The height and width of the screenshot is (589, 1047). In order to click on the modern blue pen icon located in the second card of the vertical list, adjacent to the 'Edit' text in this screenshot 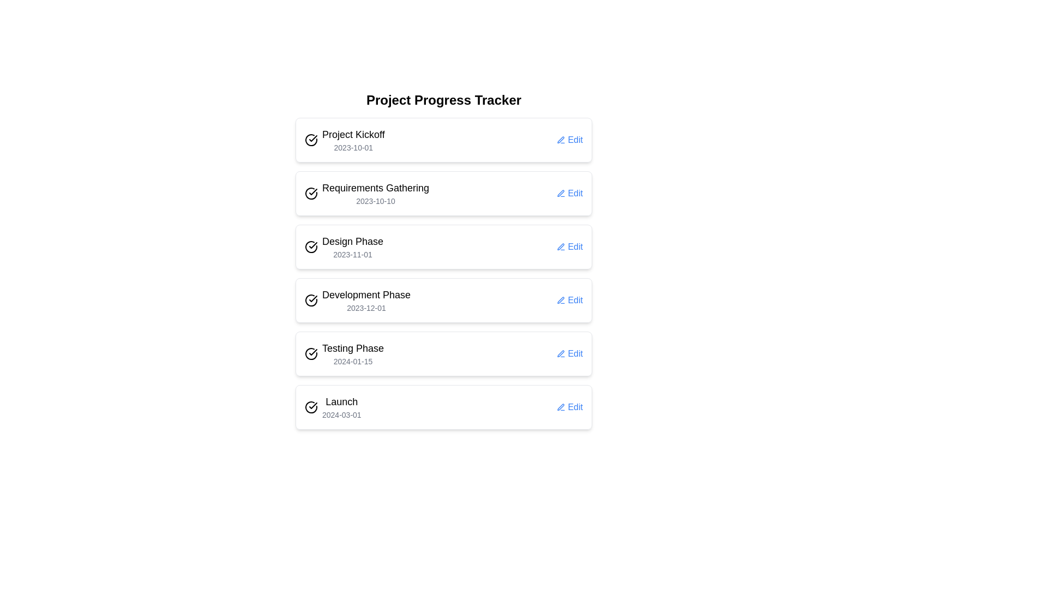, I will do `click(561, 193)`.